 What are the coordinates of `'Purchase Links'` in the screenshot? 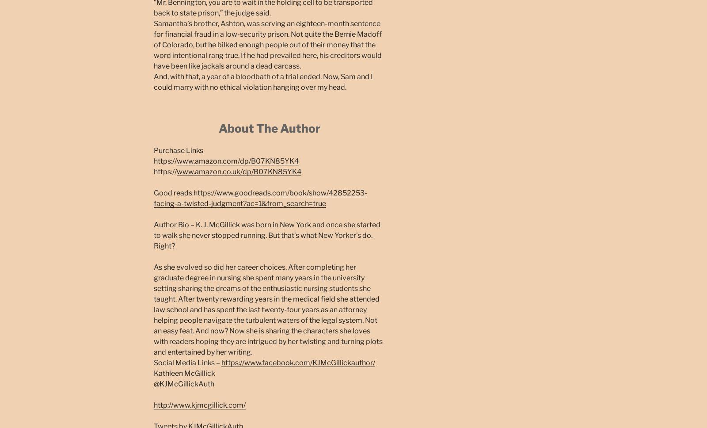 It's located at (178, 150).